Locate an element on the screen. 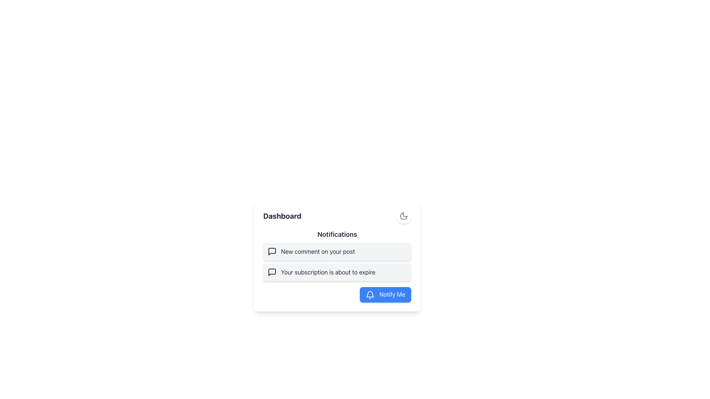  the static text label indicating 'Dashboard' located on the left side of the header section is located at coordinates (282, 216).